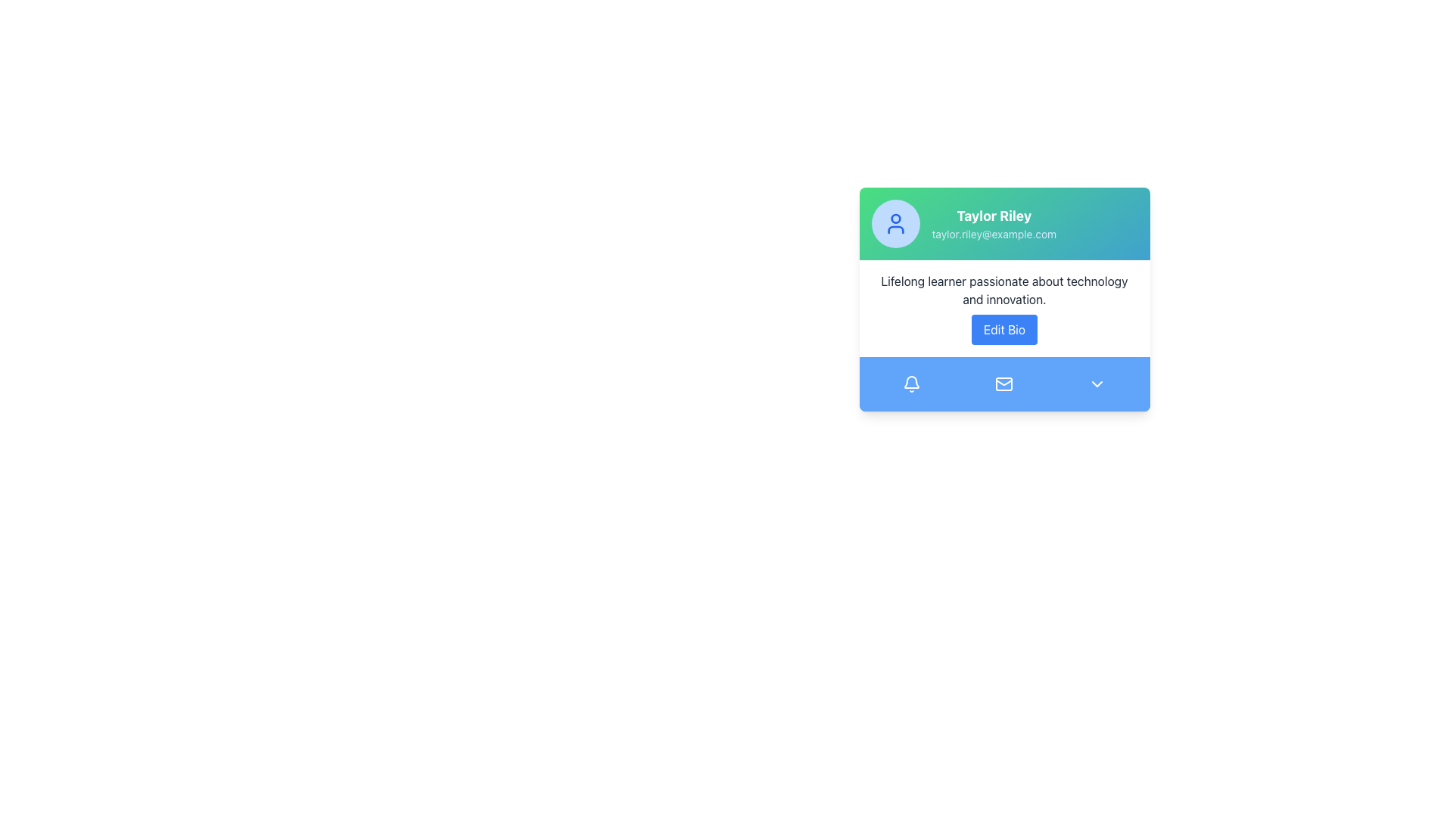 This screenshot has width=1453, height=817. I want to click on the circular blue button with a white downward-pointing chevron icon at the bottom of the user profile card, so click(1097, 384).